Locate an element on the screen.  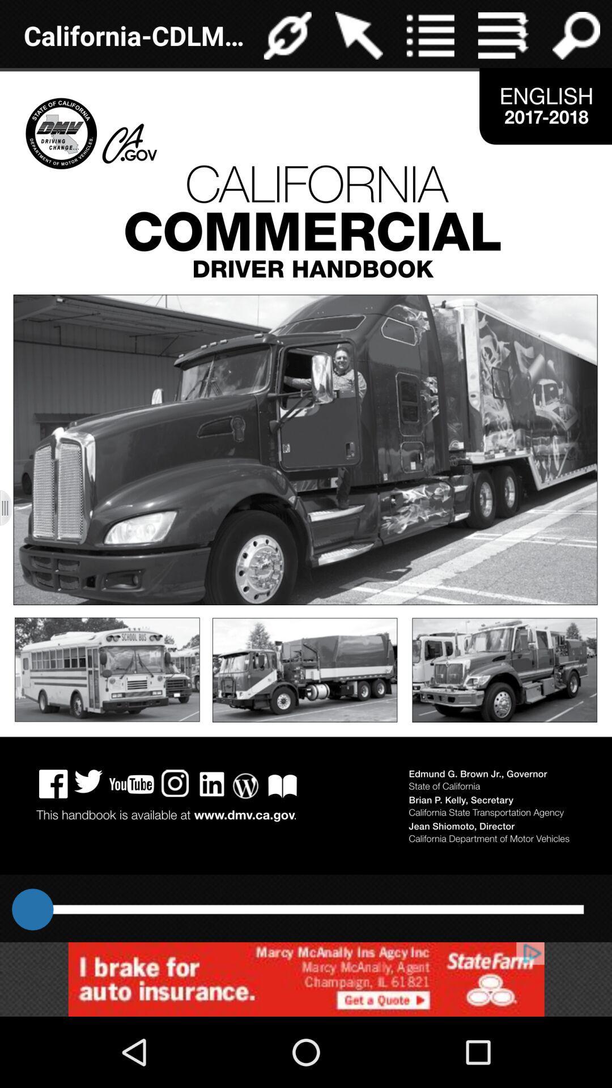
auto insurance advertisement is located at coordinates (306, 979).